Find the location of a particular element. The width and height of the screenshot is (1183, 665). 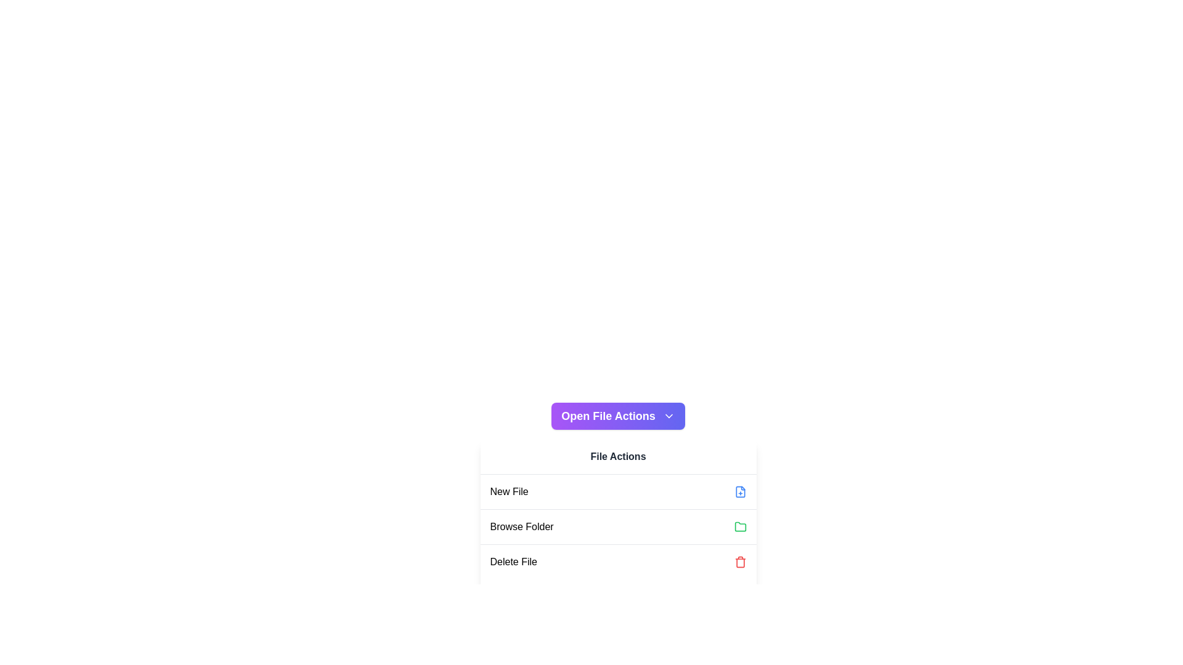

the static label that serves as a heading for the items in the modal-like panel, positioned at the top of the panel's content area is located at coordinates (618, 457).